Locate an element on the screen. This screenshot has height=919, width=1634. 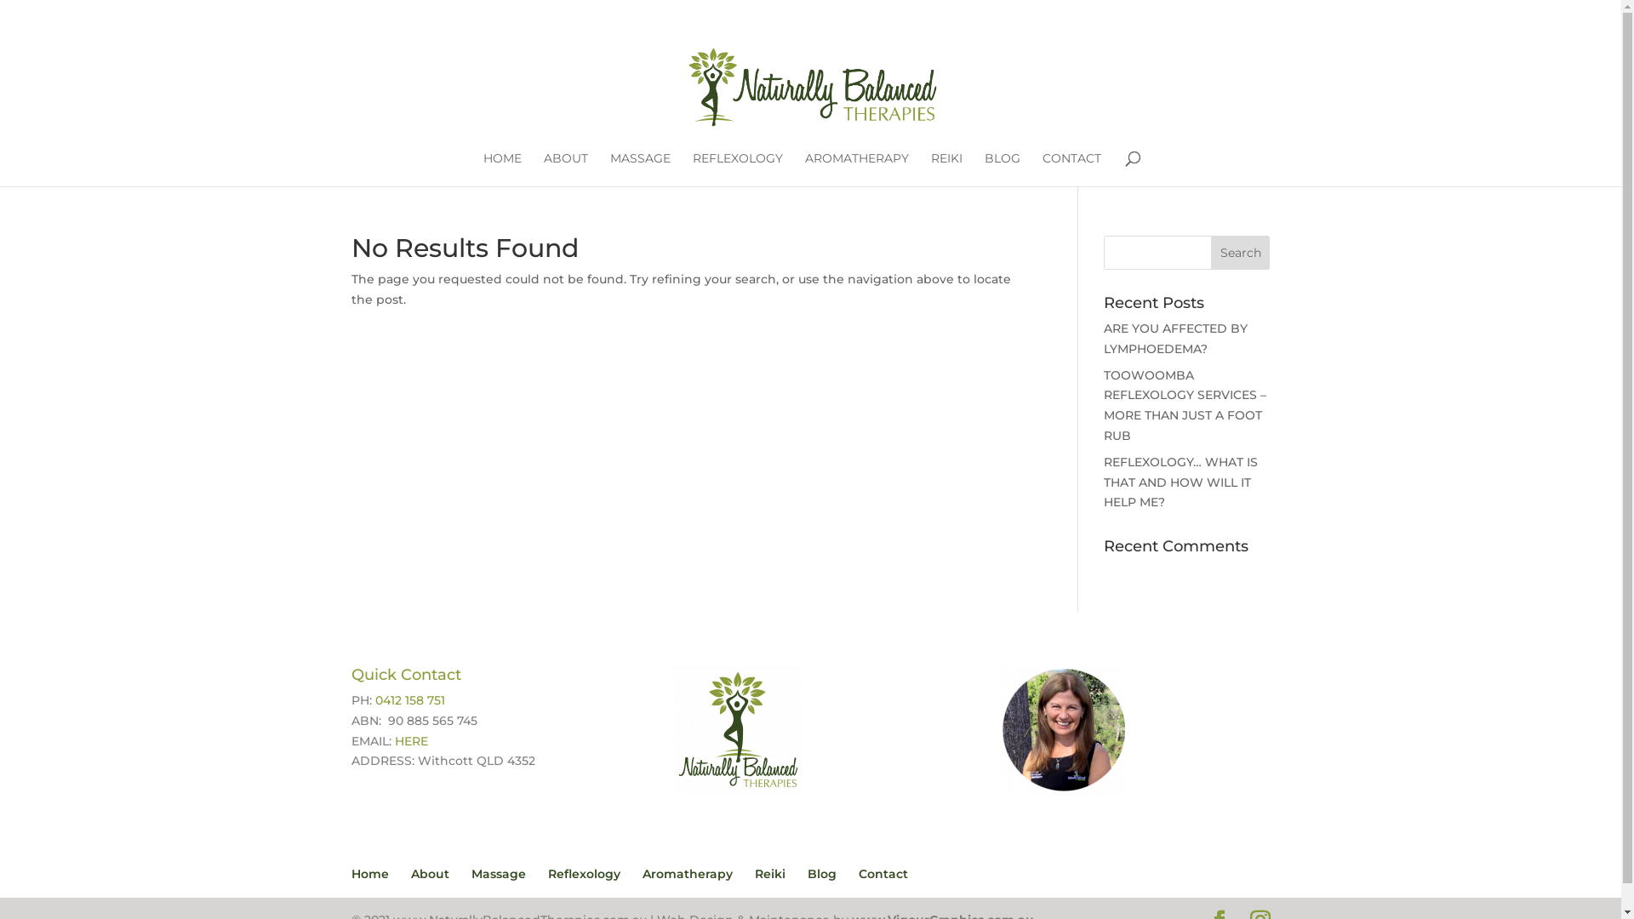
'About' is located at coordinates (429, 873).